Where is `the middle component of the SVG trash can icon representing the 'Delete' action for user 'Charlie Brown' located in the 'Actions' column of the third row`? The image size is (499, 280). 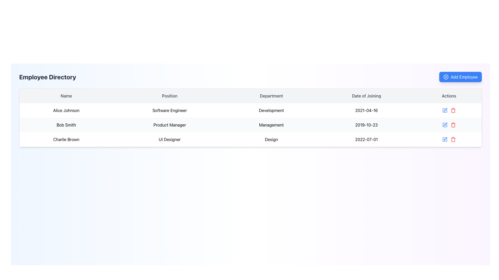
the middle component of the SVG trash can icon representing the 'Delete' action for user 'Charlie Brown' located in the 'Actions' column of the third row is located at coordinates (453, 110).